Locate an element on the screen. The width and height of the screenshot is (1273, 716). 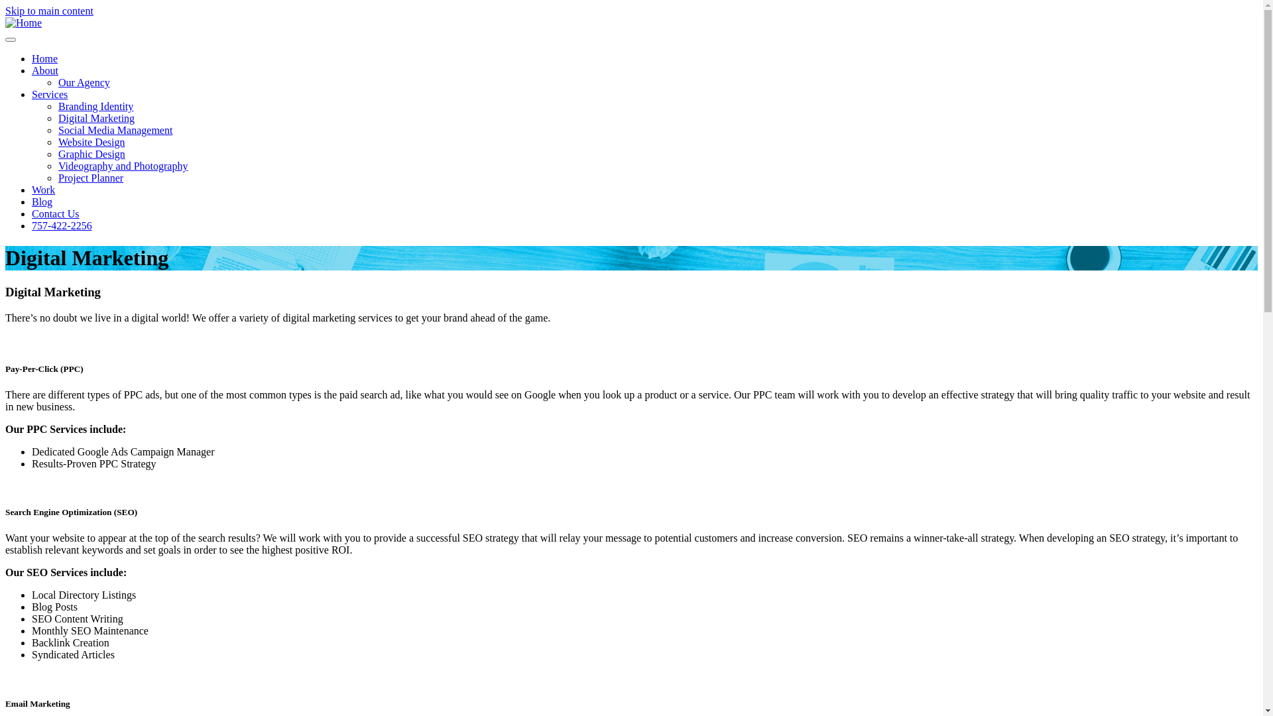
'Home' is located at coordinates (44, 58).